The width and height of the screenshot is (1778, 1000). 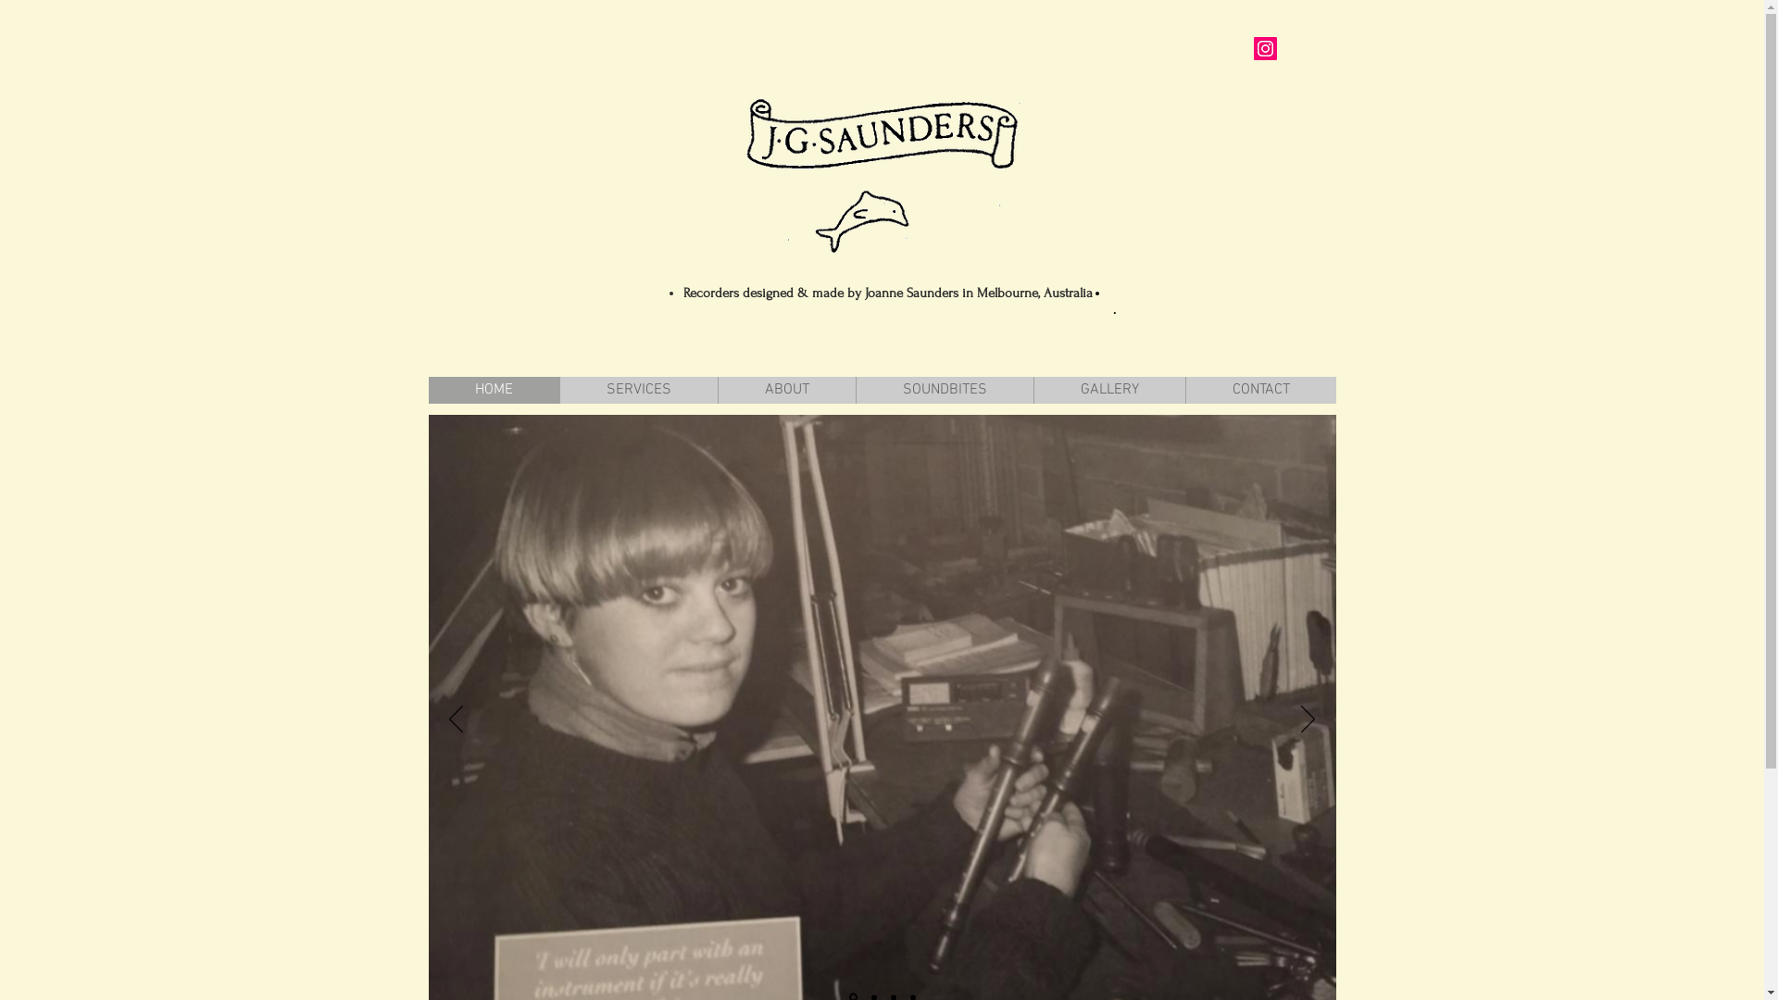 What do you see at coordinates (715, 389) in the screenshot?
I see `'ABOUT'` at bounding box center [715, 389].